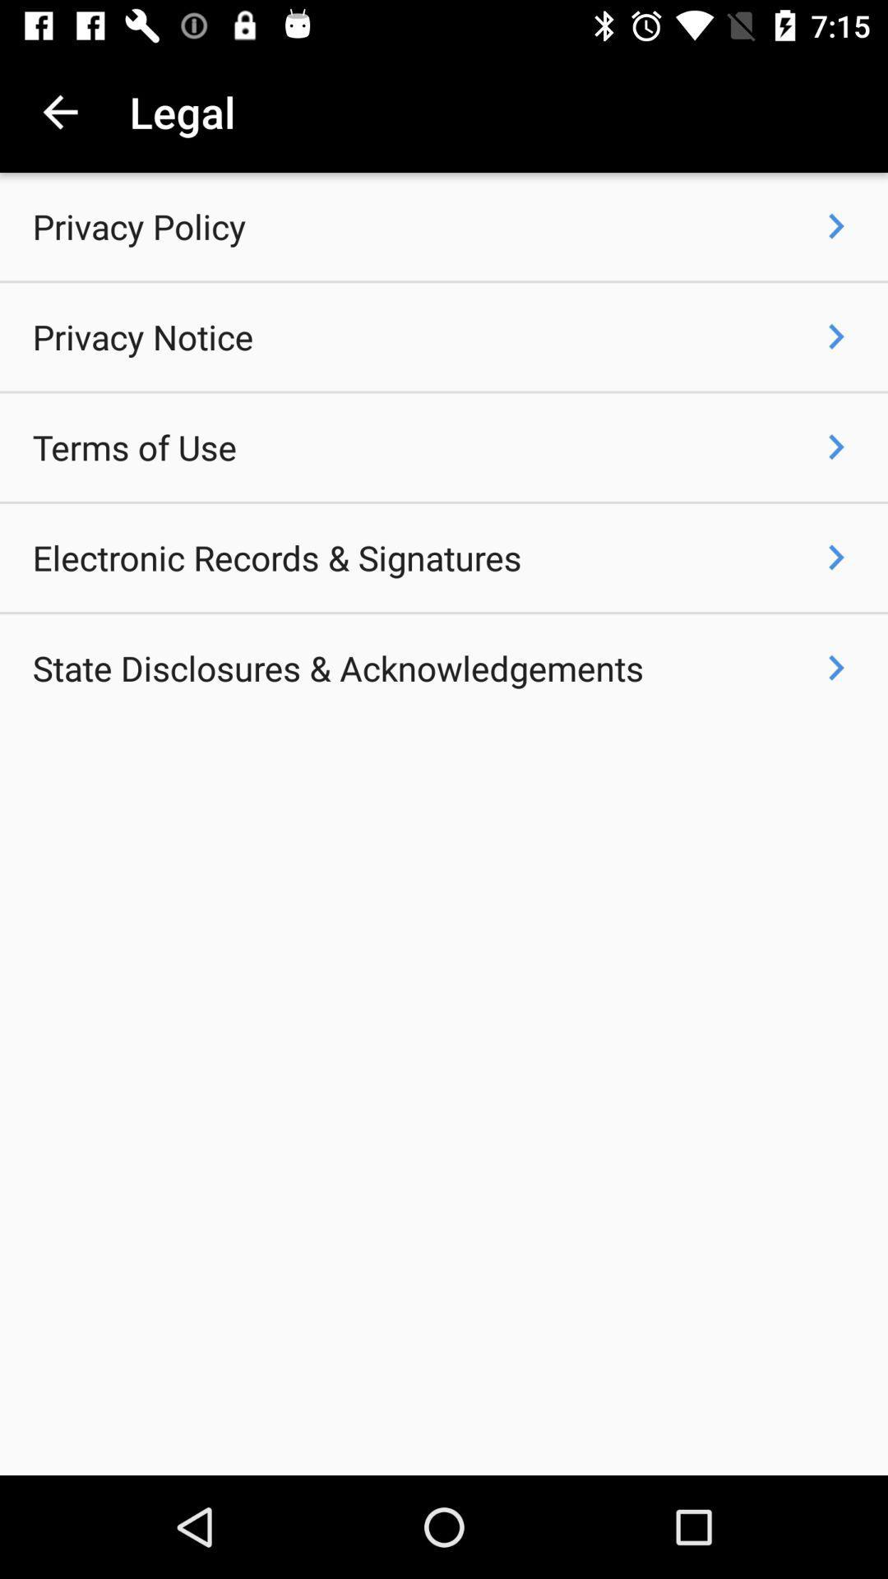 This screenshot has width=888, height=1579. Describe the element at coordinates (141, 336) in the screenshot. I see `privacy notice` at that location.